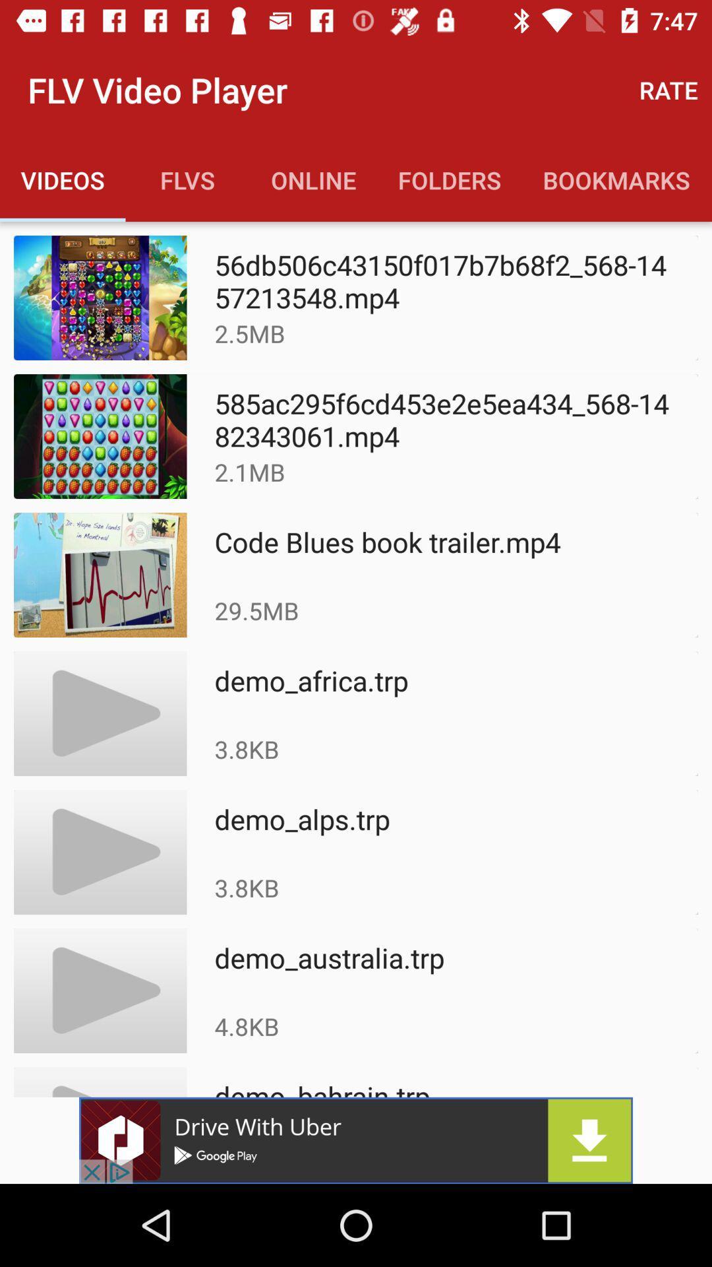 The width and height of the screenshot is (712, 1267). What do you see at coordinates (356, 1140) in the screenshot?
I see `open advertisement` at bounding box center [356, 1140].